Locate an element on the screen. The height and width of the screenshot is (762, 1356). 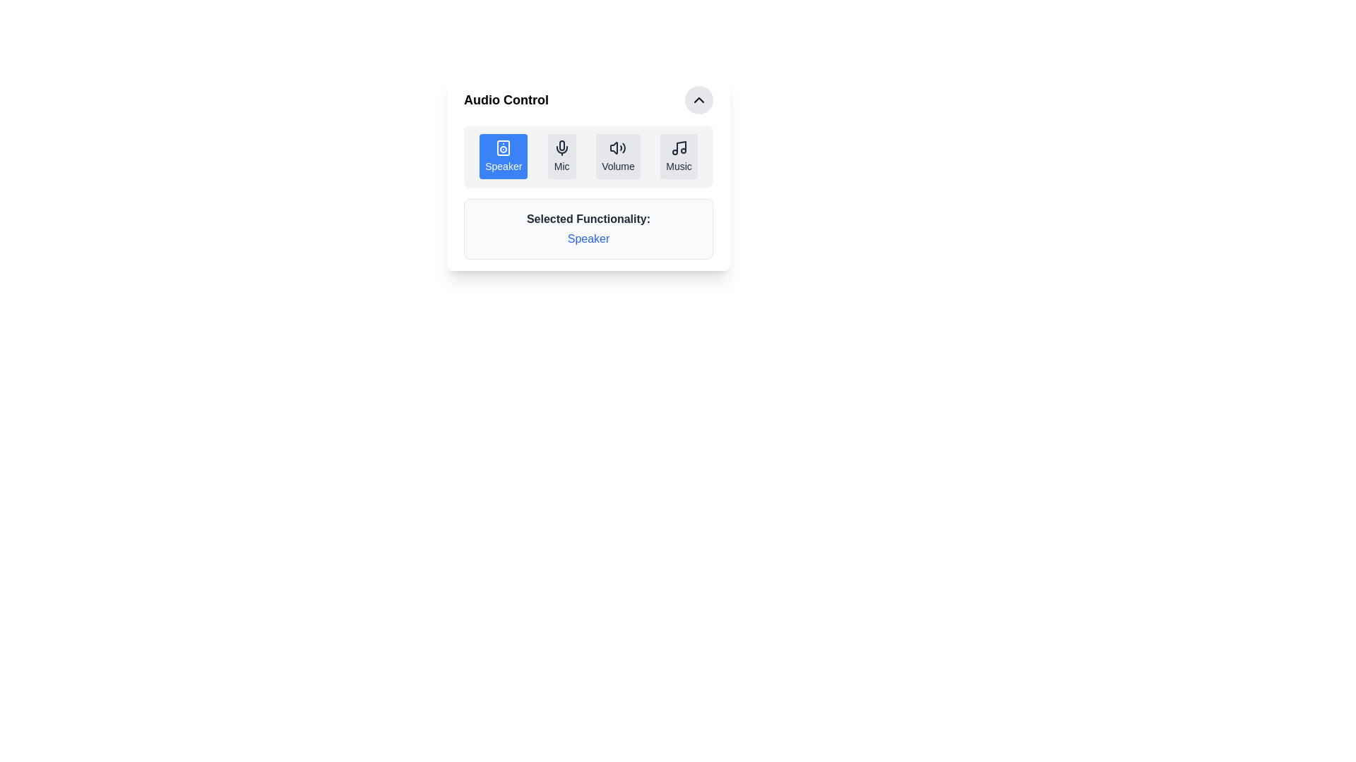
the 'Volume' option in the Navigation panel of the 'Audio Control' widget is located at coordinates (588, 157).